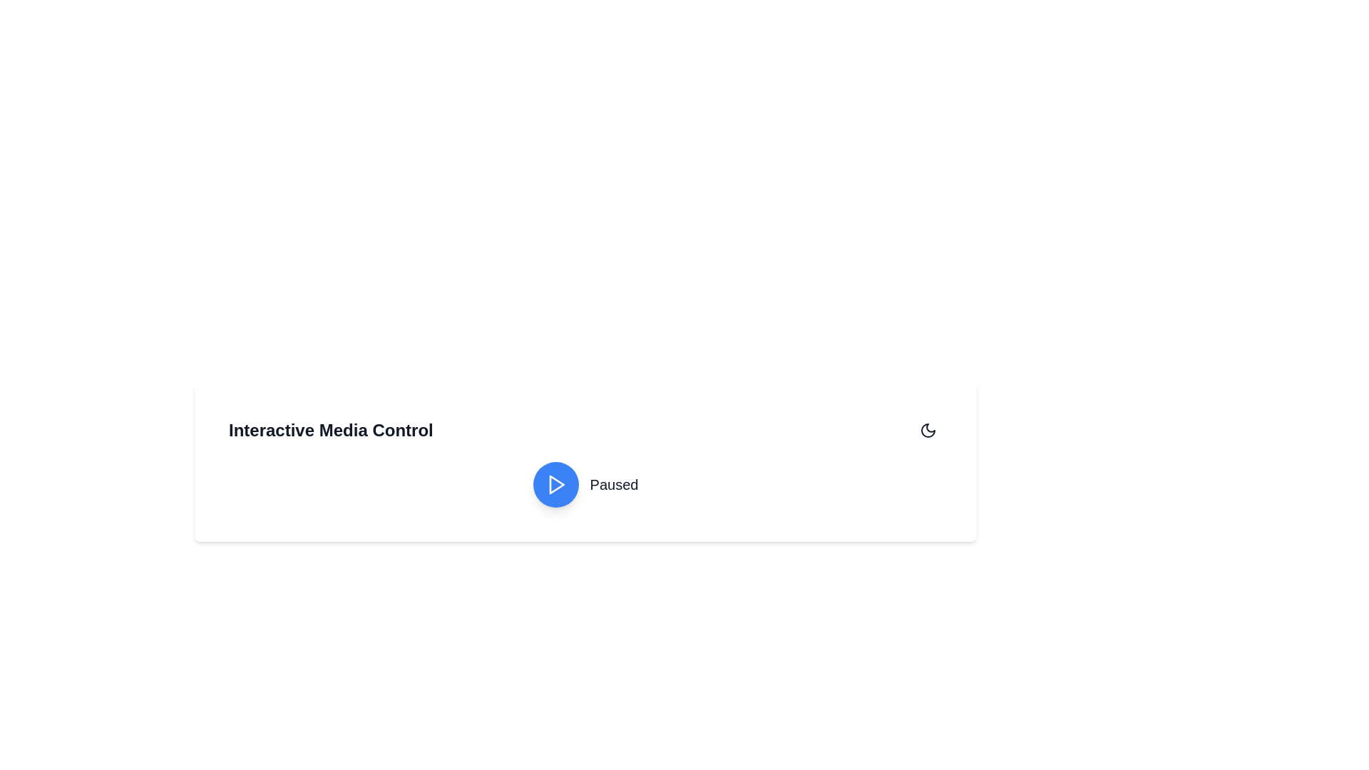 This screenshot has width=1369, height=770. I want to click on the toggle icon located at the top-right corner of the interface, so click(928, 430).